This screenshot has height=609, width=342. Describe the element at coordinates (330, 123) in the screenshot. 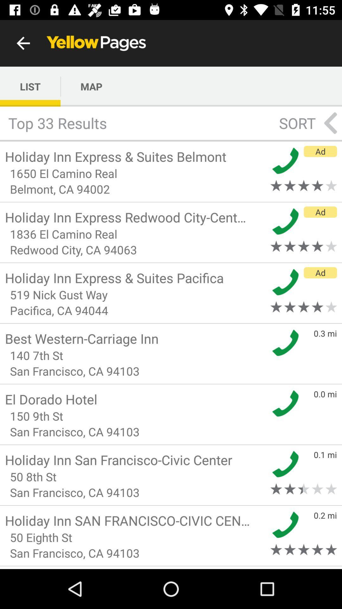

I see `the arrow_backward icon` at that location.